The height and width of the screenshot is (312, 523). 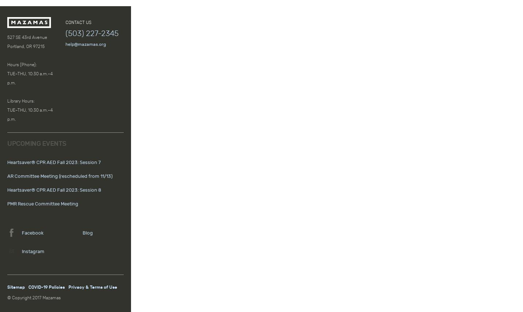 I want to click on 'Heartsaver® CPR AED Fall 2023: Session 7', so click(x=7, y=163).